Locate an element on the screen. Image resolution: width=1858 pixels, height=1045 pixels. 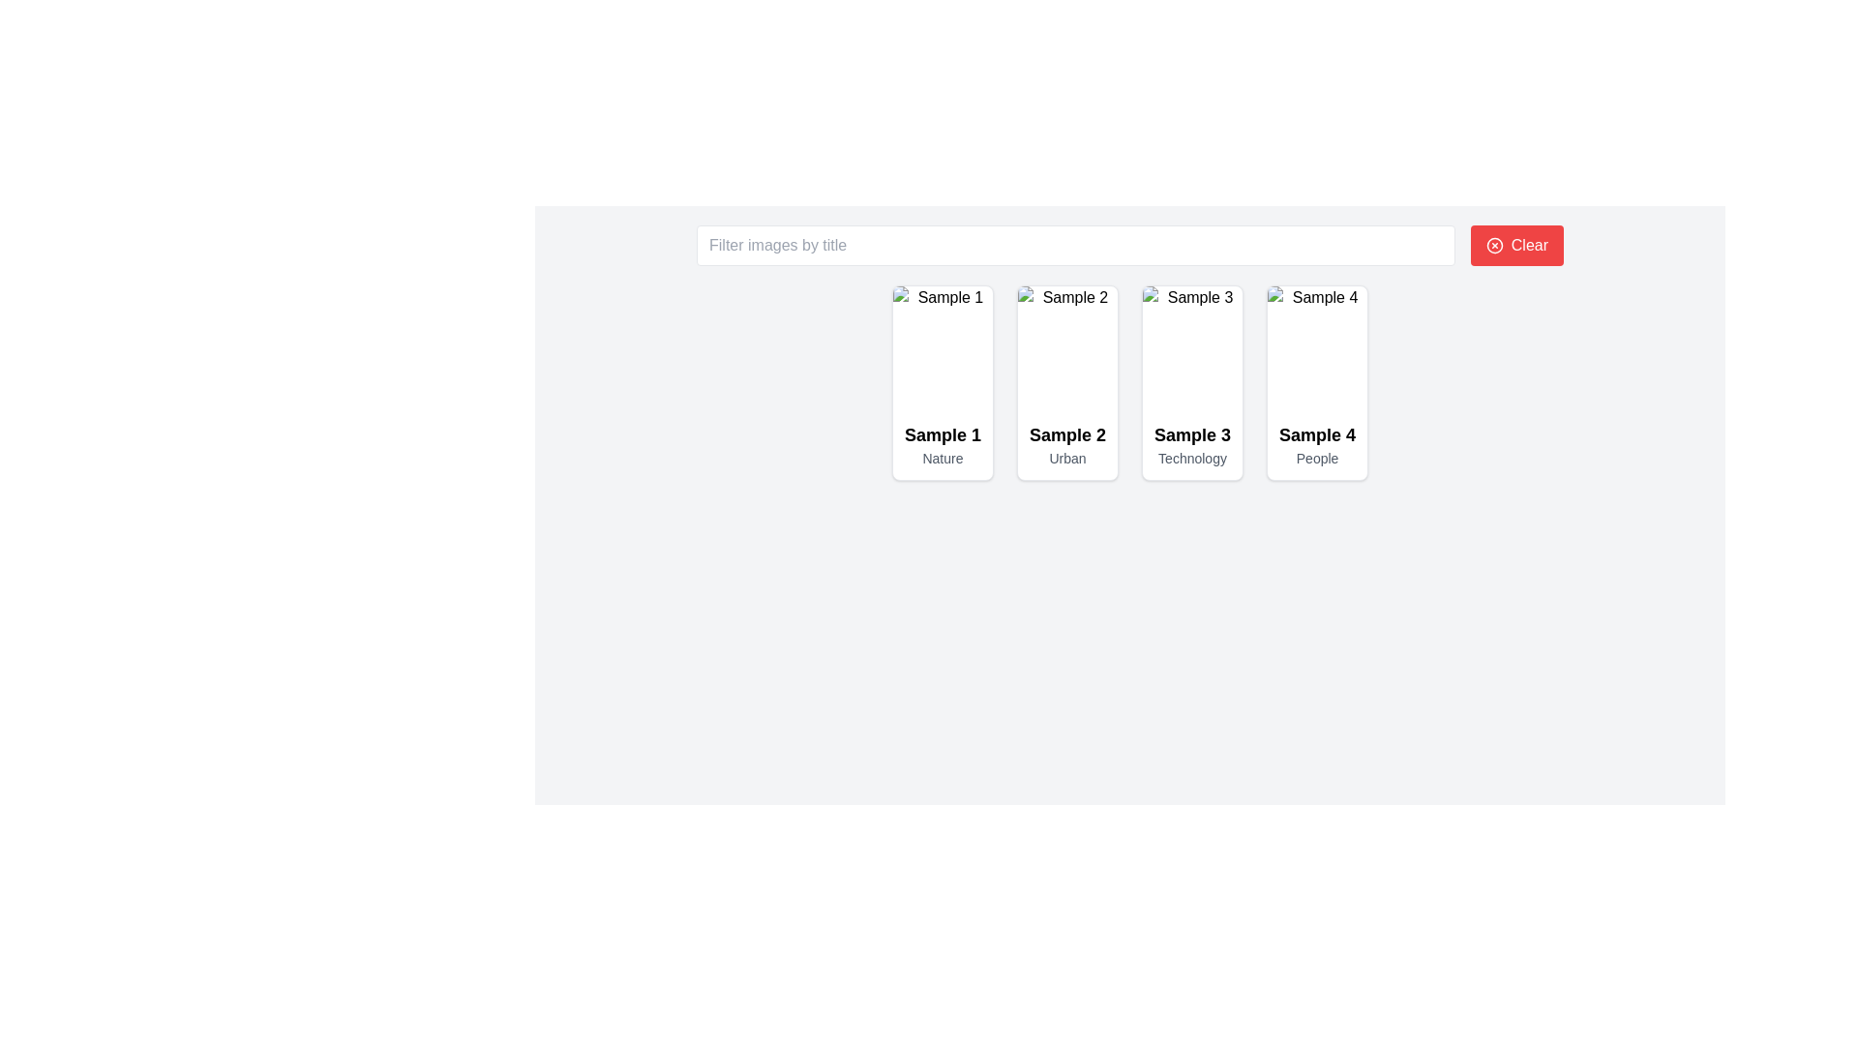
the image placeholder labeled 'Sample 4' in the fourth card of the grid layout is located at coordinates (1316, 346).